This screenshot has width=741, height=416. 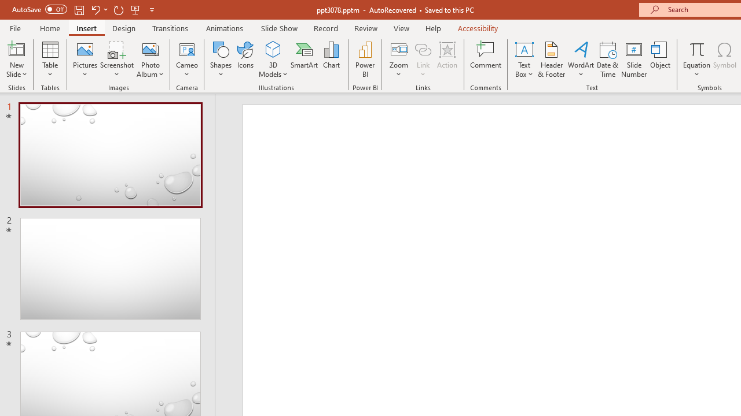 I want to click on 'Power BI', so click(x=365, y=60).